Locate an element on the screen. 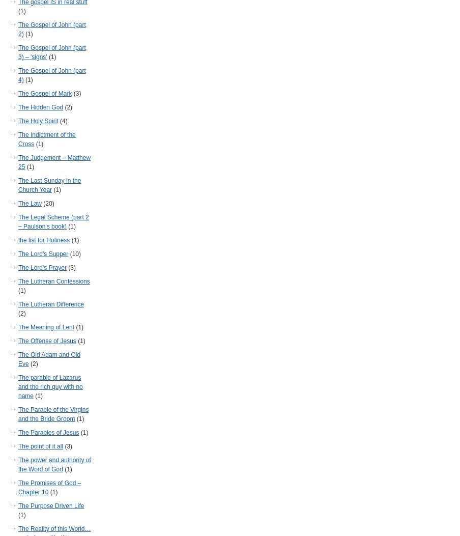  'The Hidden God' is located at coordinates (41, 107).